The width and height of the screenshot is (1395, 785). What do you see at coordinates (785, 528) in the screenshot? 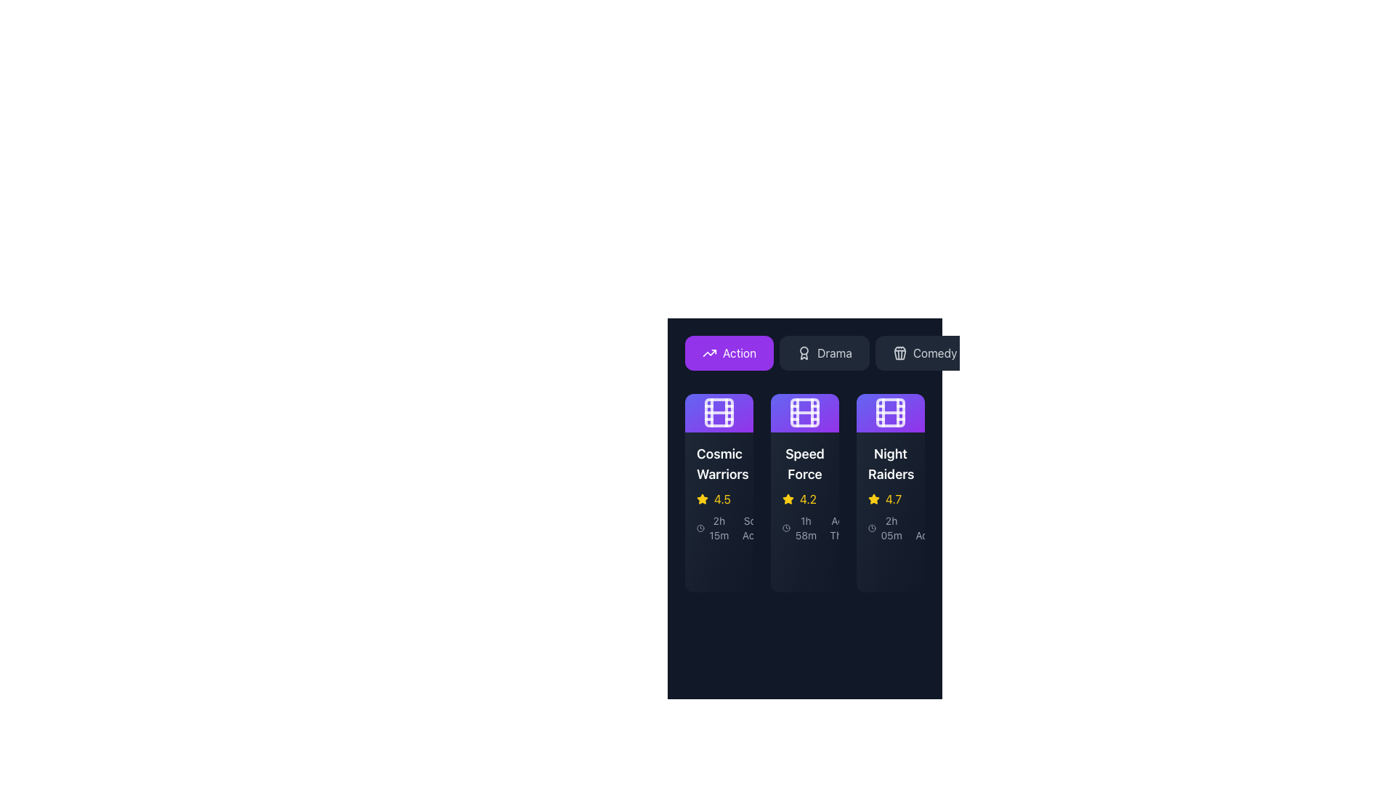
I see `the icon representing the movie duration located in the second card from the left, next to the text '1h 58m'` at bounding box center [785, 528].